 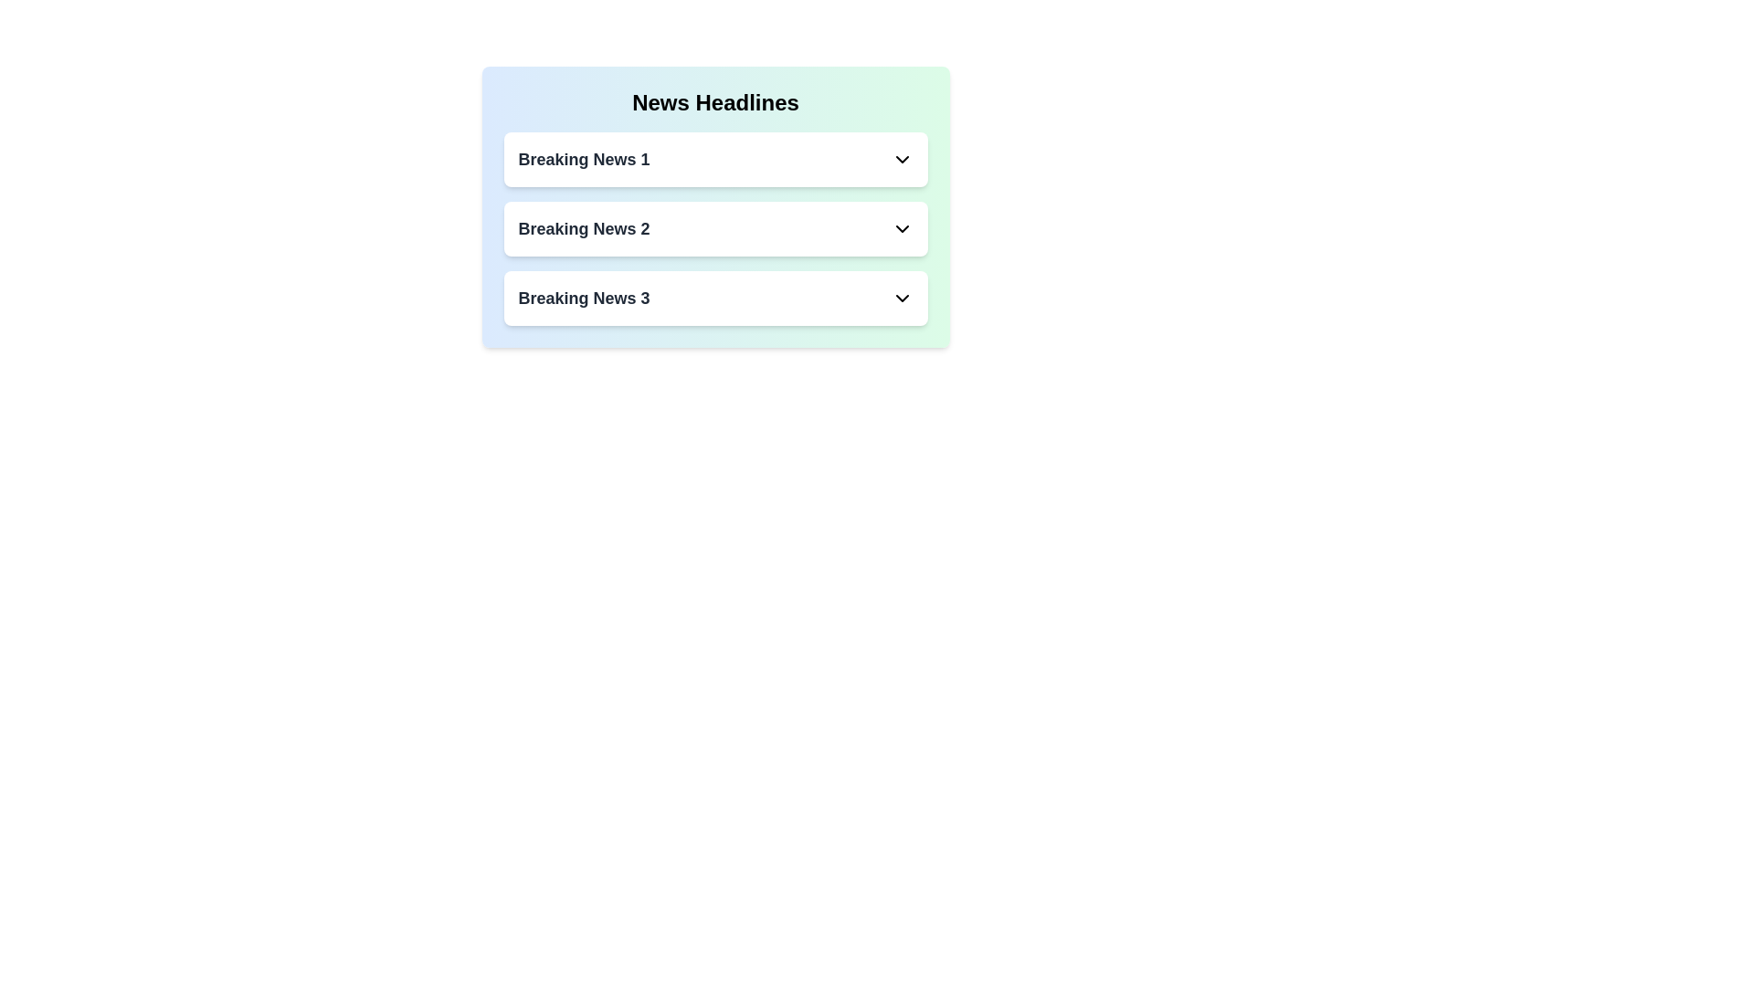 What do you see at coordinates (902, 158) in the screenshot?
I see `the dropdown icon for Breaking News 1 to toggle its view` at bounding box center [902, 158].